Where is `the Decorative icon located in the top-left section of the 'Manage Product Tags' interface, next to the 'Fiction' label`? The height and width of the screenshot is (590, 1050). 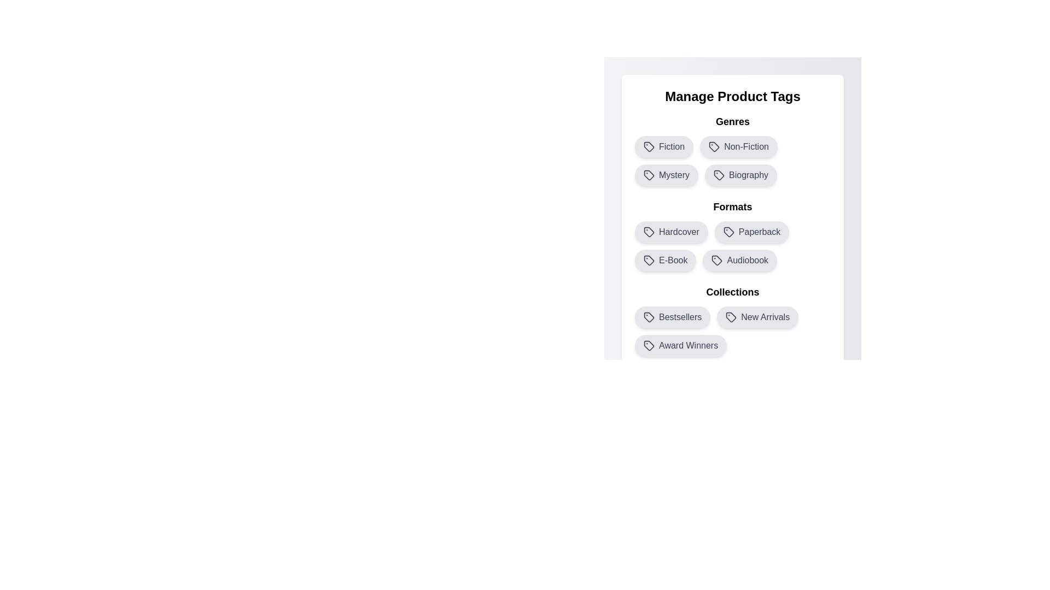
the Decorative icon located in the top-left section of the 'Manage Product Tags' interface, next to the 'Fiction' label is located at coordinates (649, 146).